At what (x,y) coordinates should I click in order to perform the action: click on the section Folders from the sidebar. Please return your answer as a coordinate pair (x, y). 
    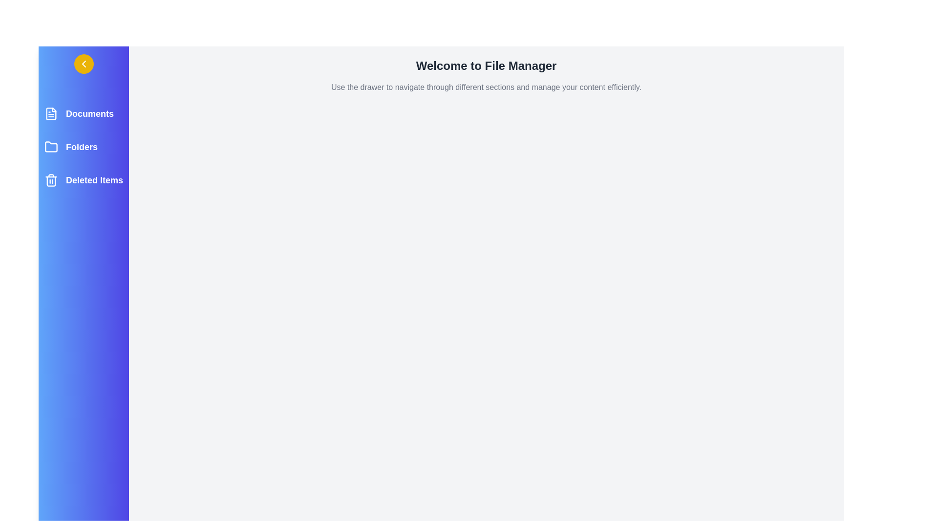
    Looking at the image, I should click on (84, 147).